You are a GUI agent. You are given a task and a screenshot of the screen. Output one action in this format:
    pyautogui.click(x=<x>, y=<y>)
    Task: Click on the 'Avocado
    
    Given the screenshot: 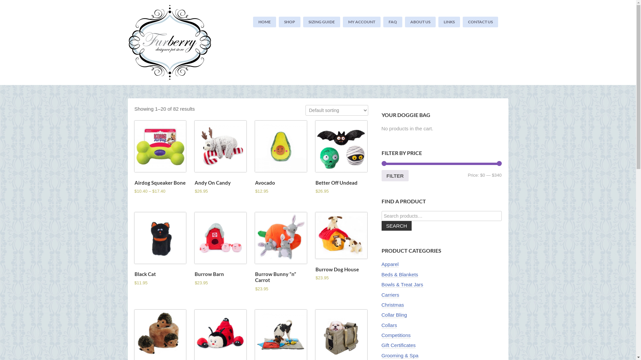 What is the action you would take?
    pyautogui.click(x=280, y=158)
    